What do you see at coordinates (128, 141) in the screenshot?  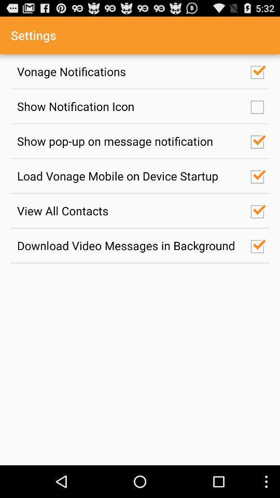 I see `icon above the load vonage mobile icon` at bounding box center [128, 141].